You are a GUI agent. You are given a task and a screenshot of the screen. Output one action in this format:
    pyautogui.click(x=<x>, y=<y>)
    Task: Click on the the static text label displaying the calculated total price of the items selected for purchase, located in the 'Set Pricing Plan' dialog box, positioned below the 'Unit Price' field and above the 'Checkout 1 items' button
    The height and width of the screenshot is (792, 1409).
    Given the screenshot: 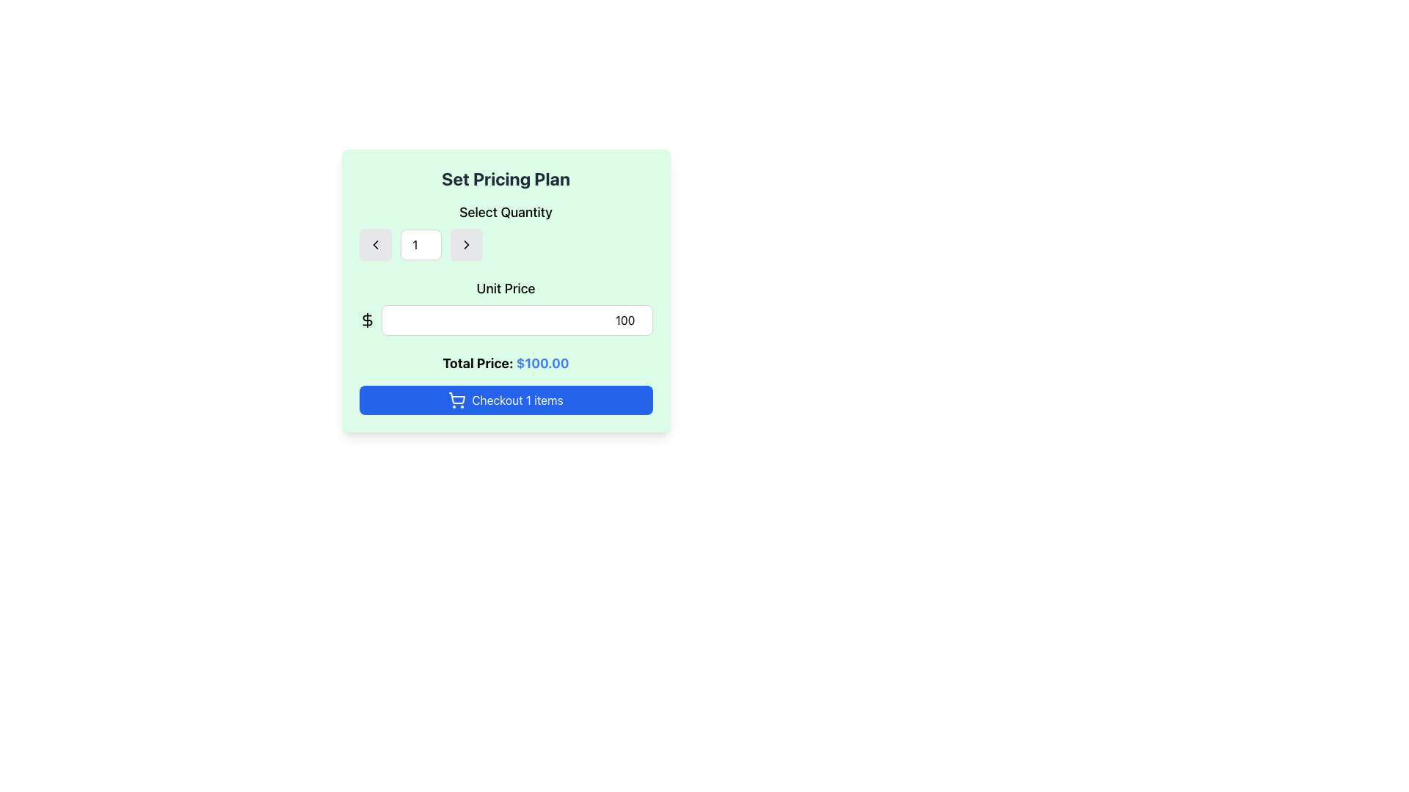 What is the action you would take?
    pyautogui.click(x=542, y=363)
    